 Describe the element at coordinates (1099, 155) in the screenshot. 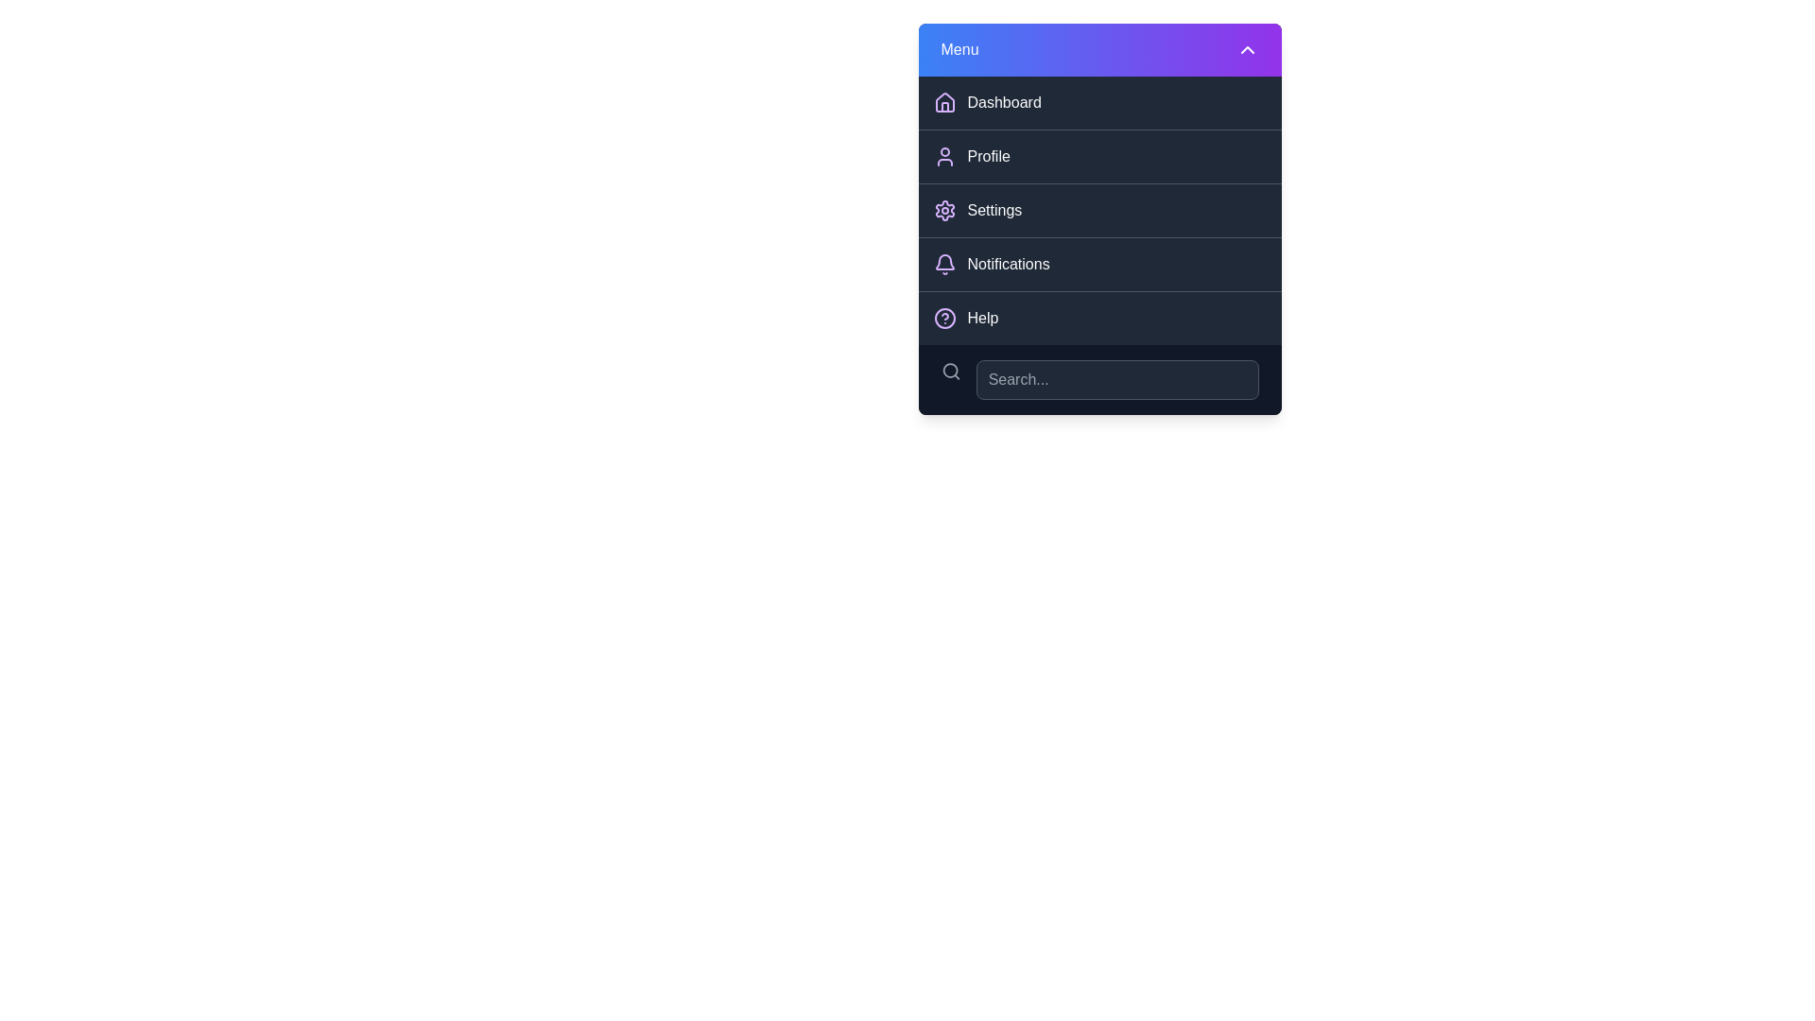

I see `the user profile button located in the side panel, which is the second item from the top` at that location.